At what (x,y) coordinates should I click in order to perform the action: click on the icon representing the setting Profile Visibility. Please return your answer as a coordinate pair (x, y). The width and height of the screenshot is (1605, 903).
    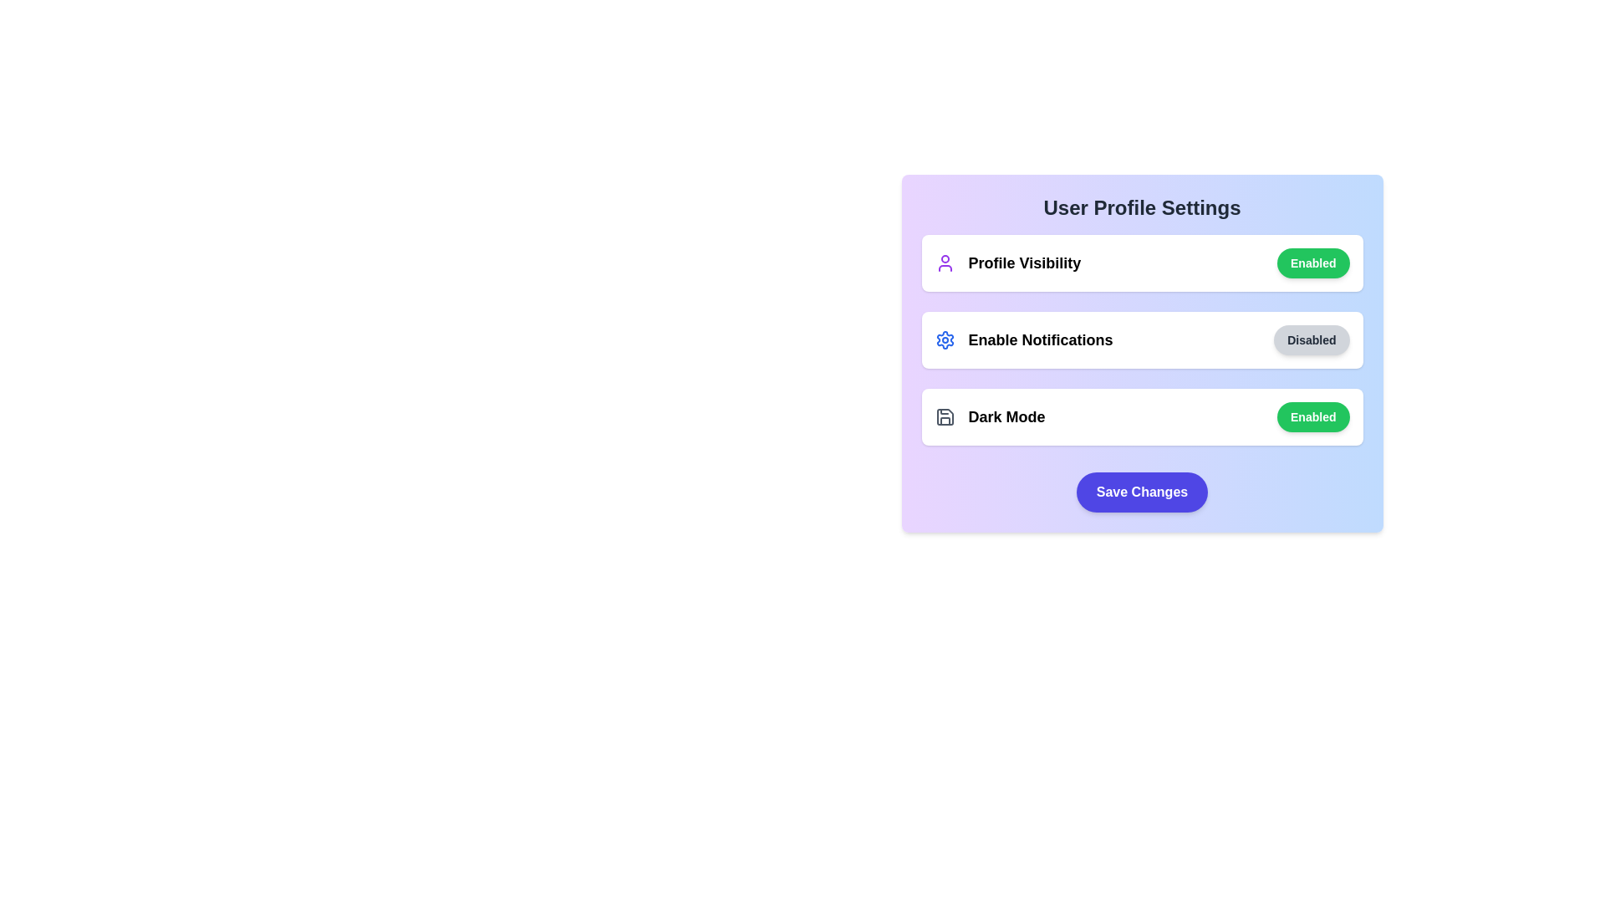
    Looking at the image, I should click on (945, 263).